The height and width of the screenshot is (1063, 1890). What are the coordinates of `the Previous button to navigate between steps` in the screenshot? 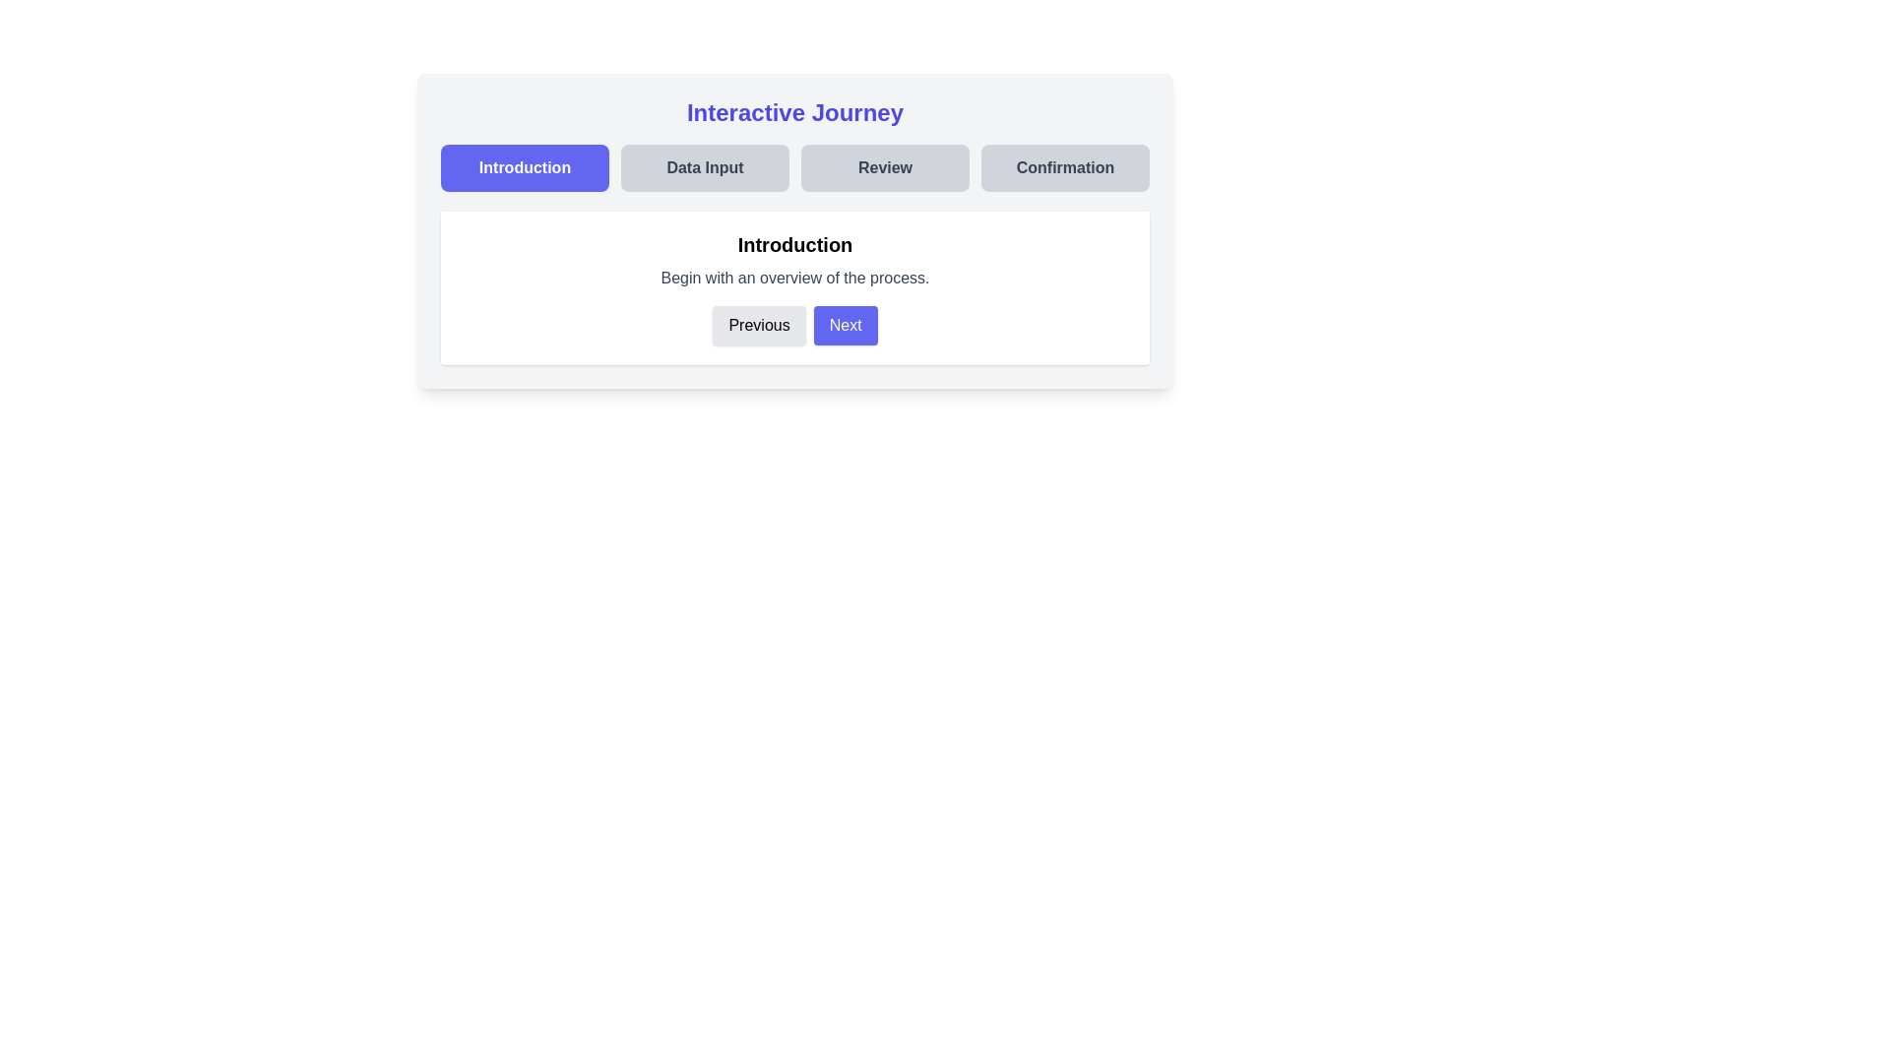 It's located at (758, 325).